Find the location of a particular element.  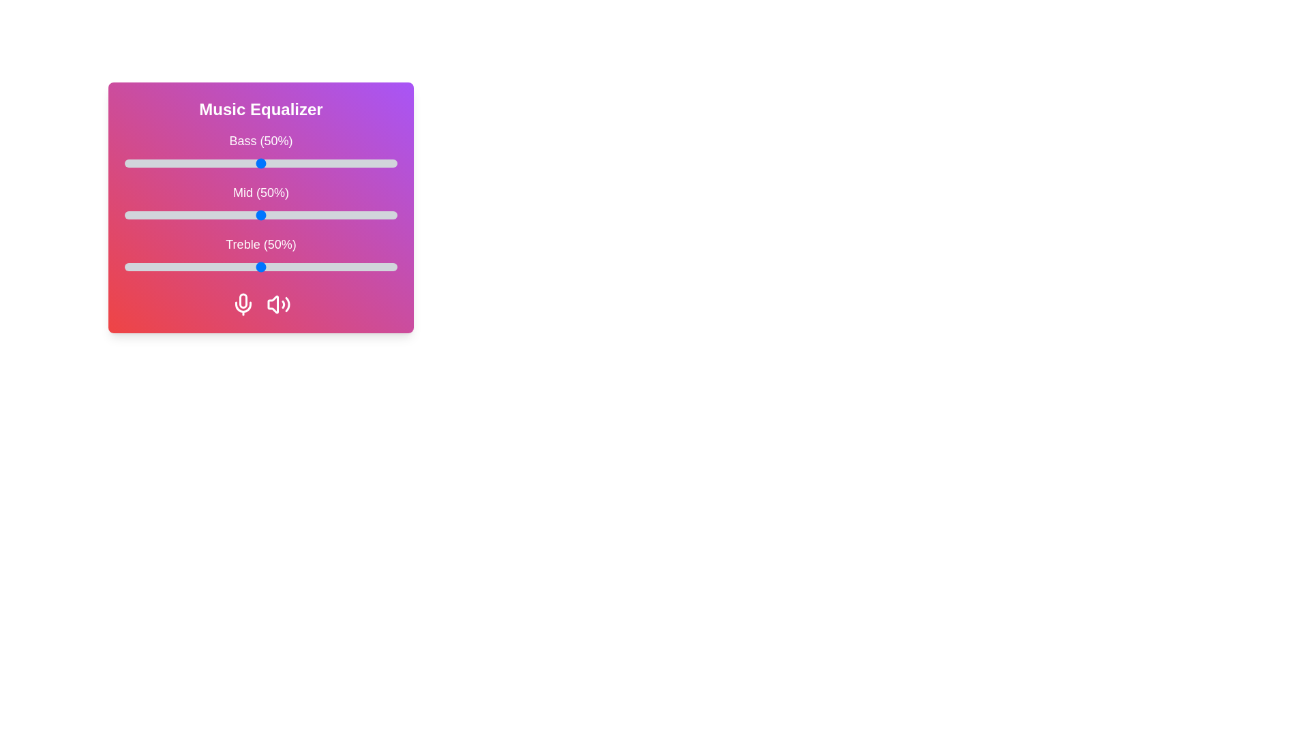

the 1 slider to 62% is located at coordinates (293, 215).